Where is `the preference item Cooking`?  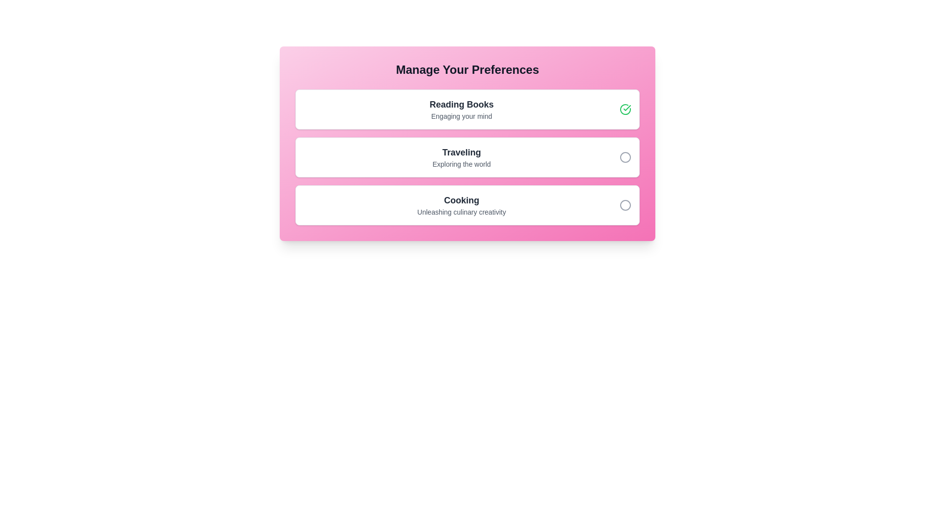
the preference item Cooking is located at coordinates (467, 205).